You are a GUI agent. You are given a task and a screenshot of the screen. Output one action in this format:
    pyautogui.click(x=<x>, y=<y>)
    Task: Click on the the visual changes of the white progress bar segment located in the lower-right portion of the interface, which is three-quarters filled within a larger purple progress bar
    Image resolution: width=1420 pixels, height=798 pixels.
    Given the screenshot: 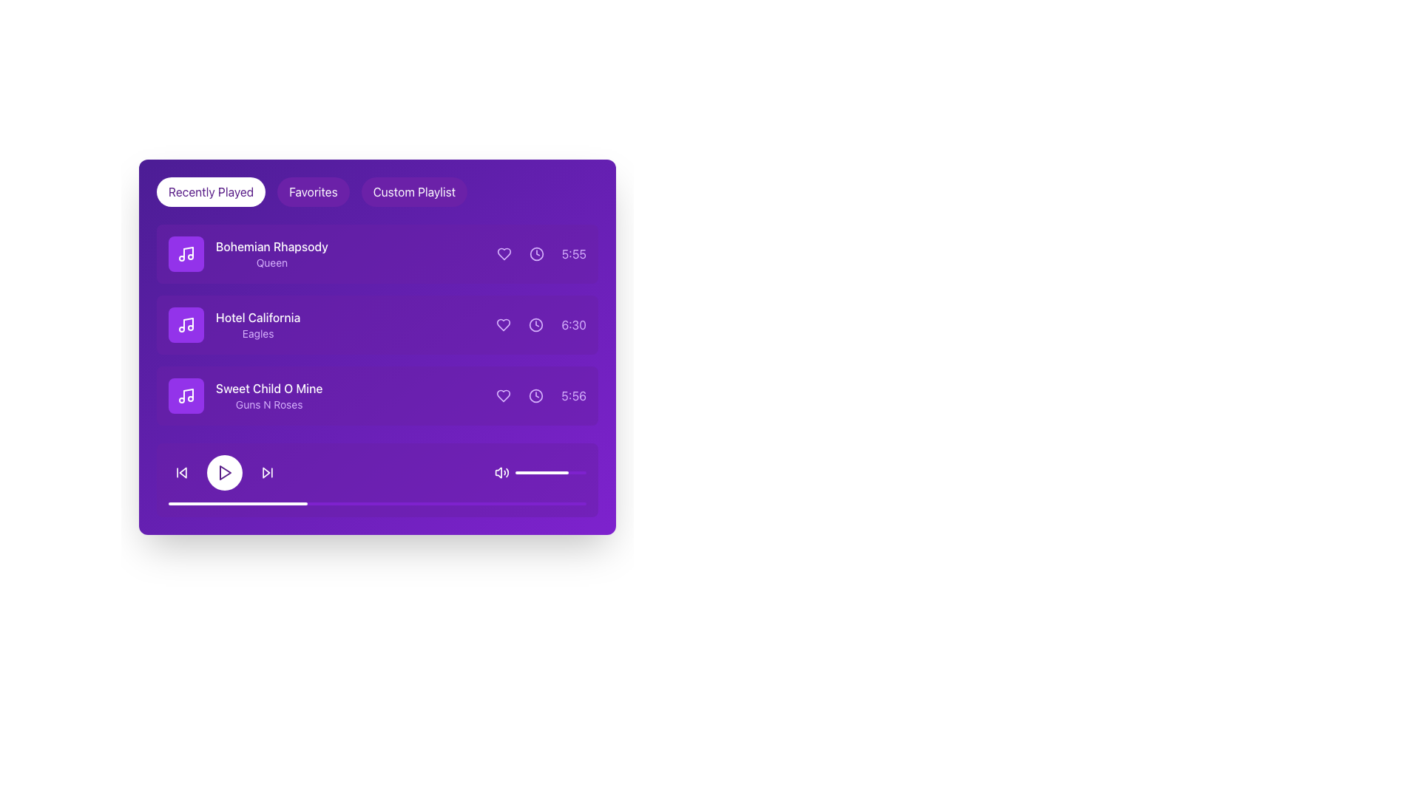 What is the action you would take?
    pyautogui.click(x=541, y=473)
    